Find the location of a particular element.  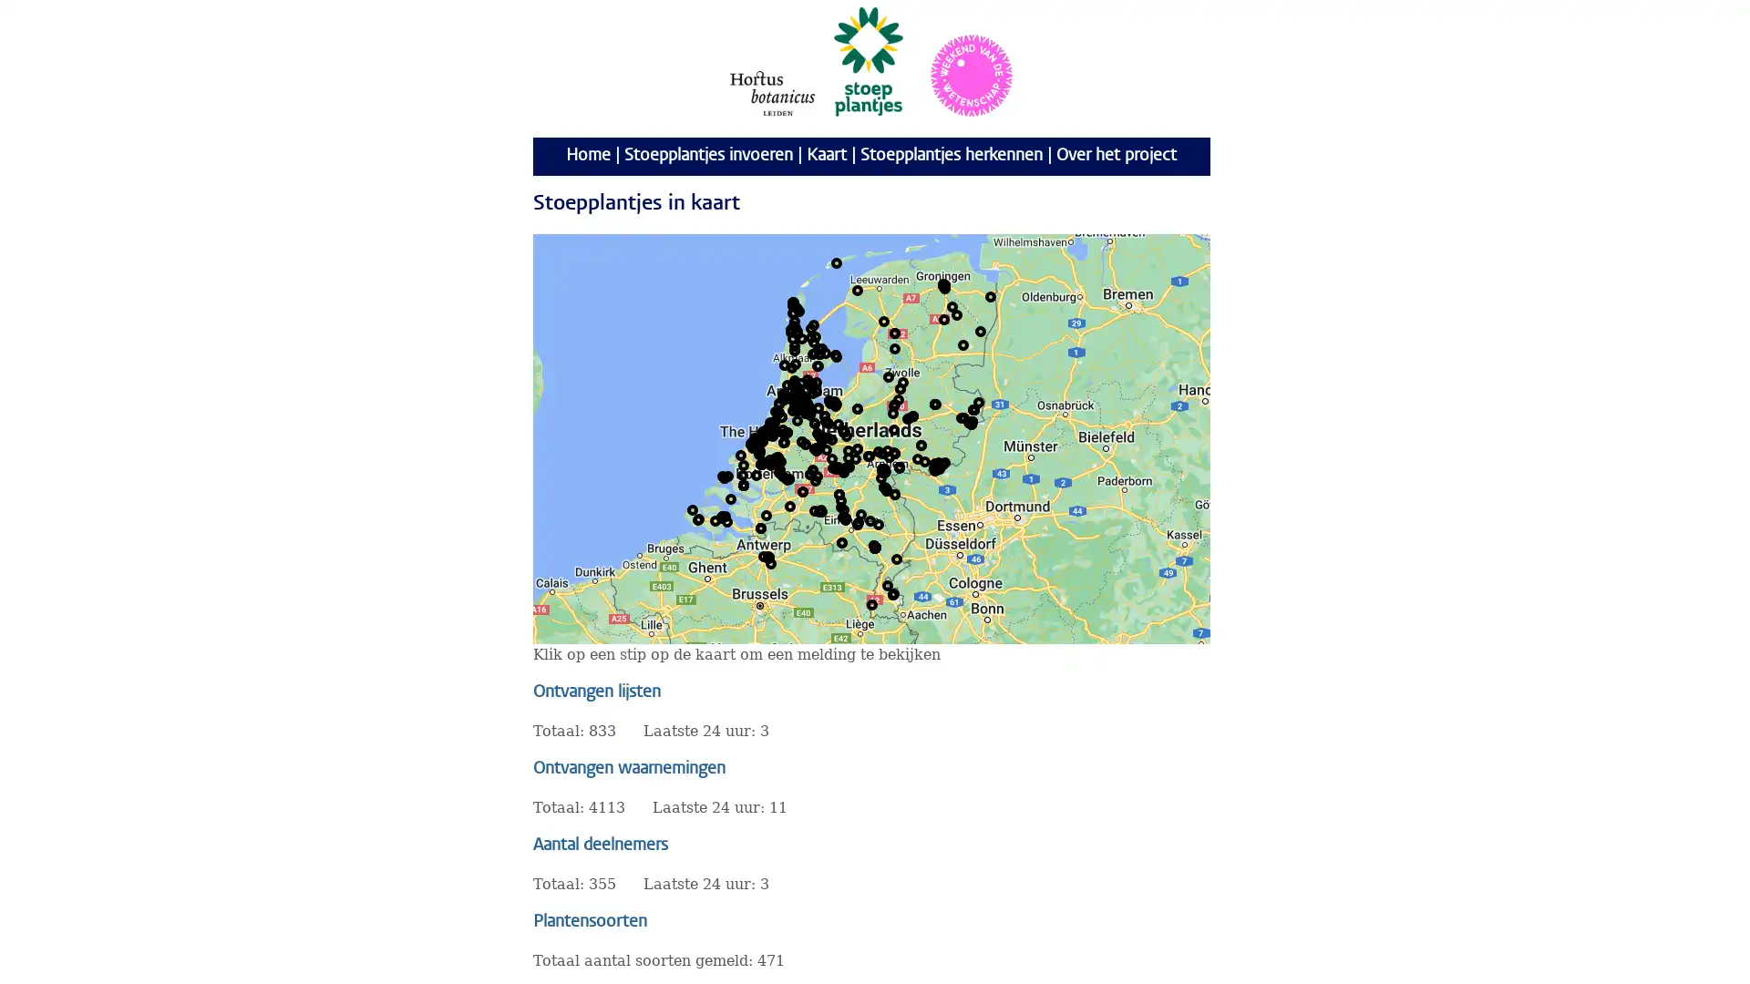

Telling van op 27 februari 2022 is located at coordinates (786, 477).